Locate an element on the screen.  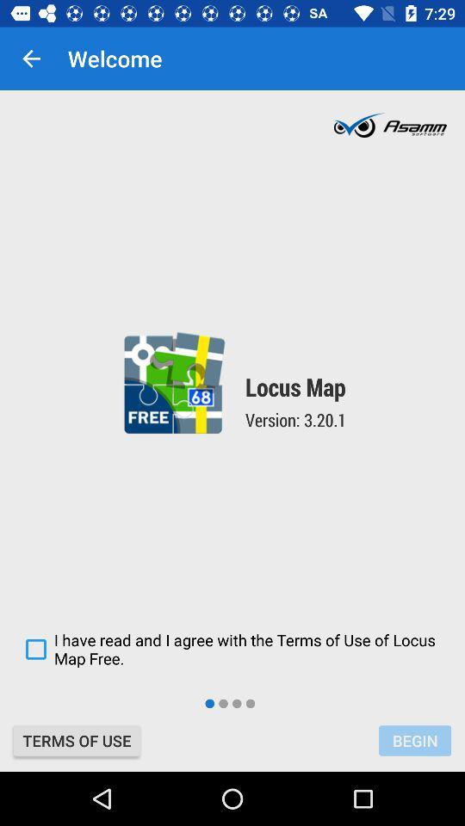
the begin at the bottom right corner is located at coordinates (414, 740).